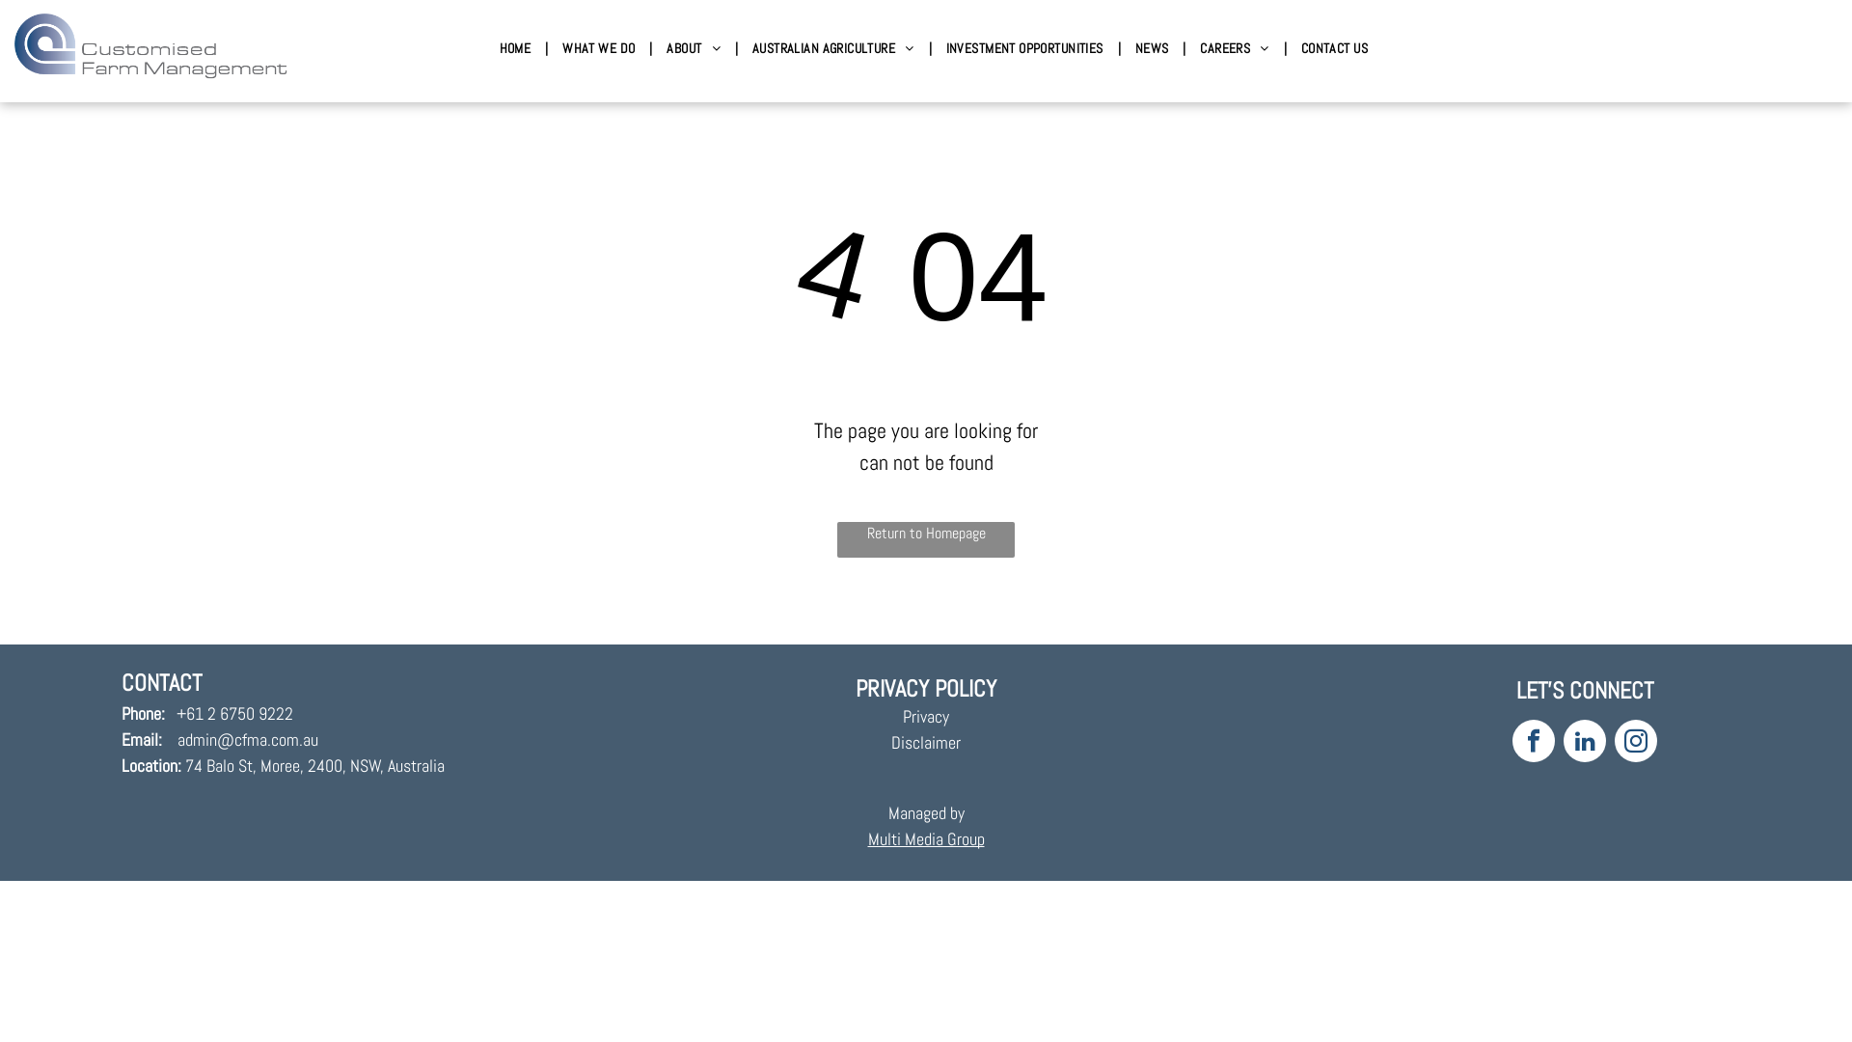 This screenshot has width=1852, height=1042. What do you see at coordinates (926, 539) in the screenshot?
I see `'Return to Homepage'` at bounding box center [926, 539].